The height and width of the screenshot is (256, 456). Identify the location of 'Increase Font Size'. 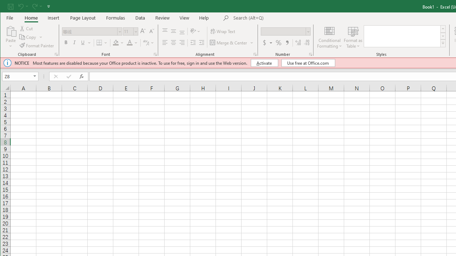
(142, 31).